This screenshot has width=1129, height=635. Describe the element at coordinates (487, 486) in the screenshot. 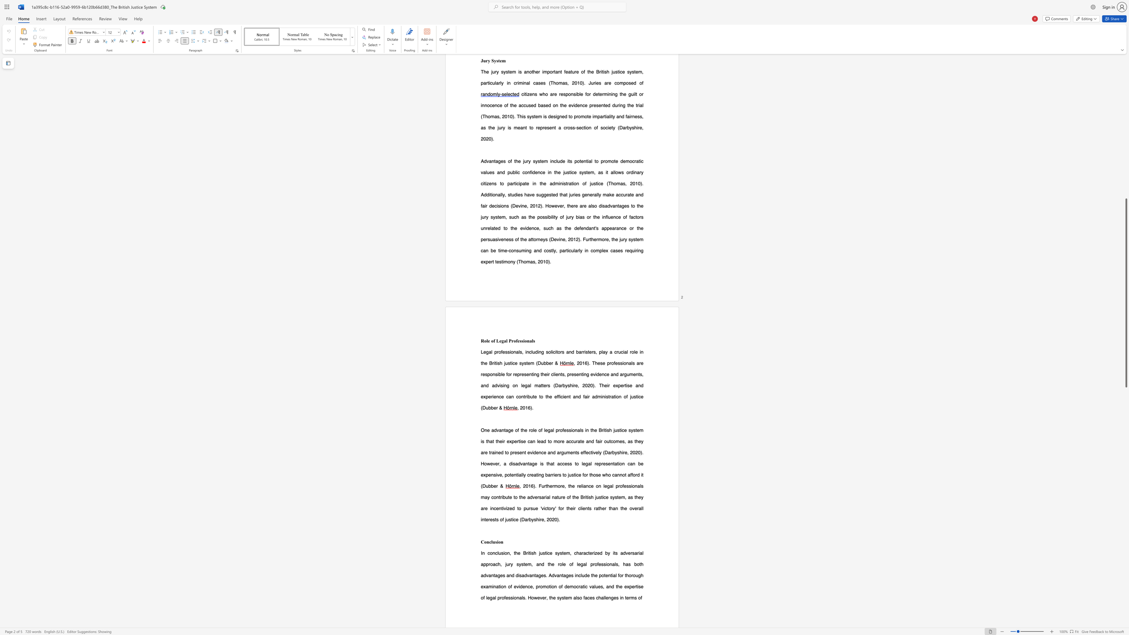

I see `the 1th character "u" in the text` at that location.